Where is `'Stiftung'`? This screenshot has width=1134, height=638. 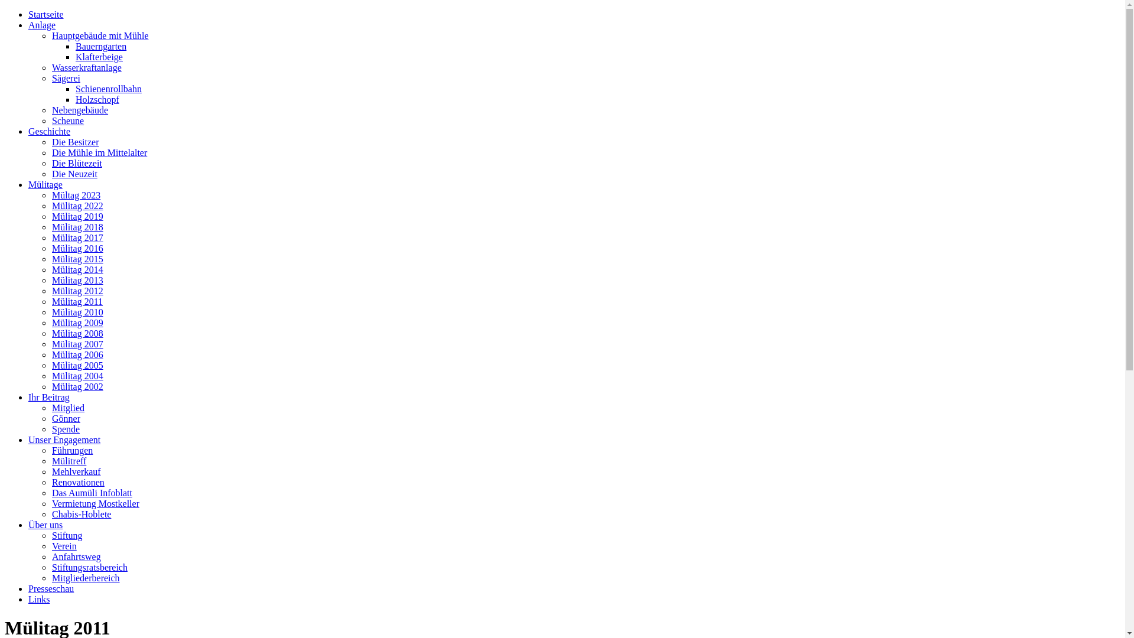
'Stiftung' is located at coordinates (51, 535).